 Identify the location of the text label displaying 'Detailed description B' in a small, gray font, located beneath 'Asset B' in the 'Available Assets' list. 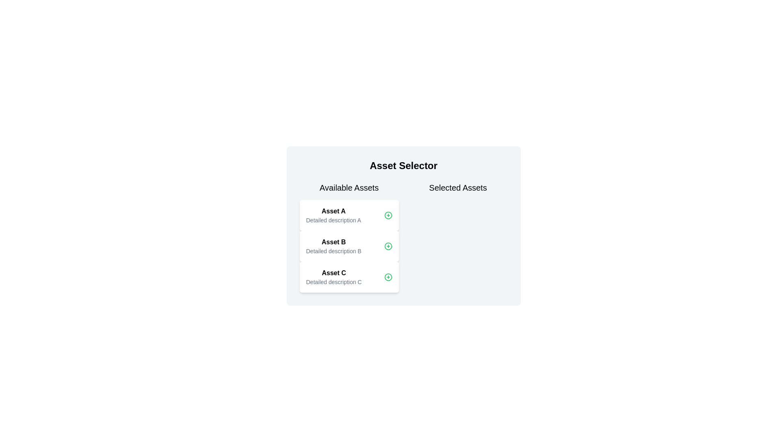
(334, 250).